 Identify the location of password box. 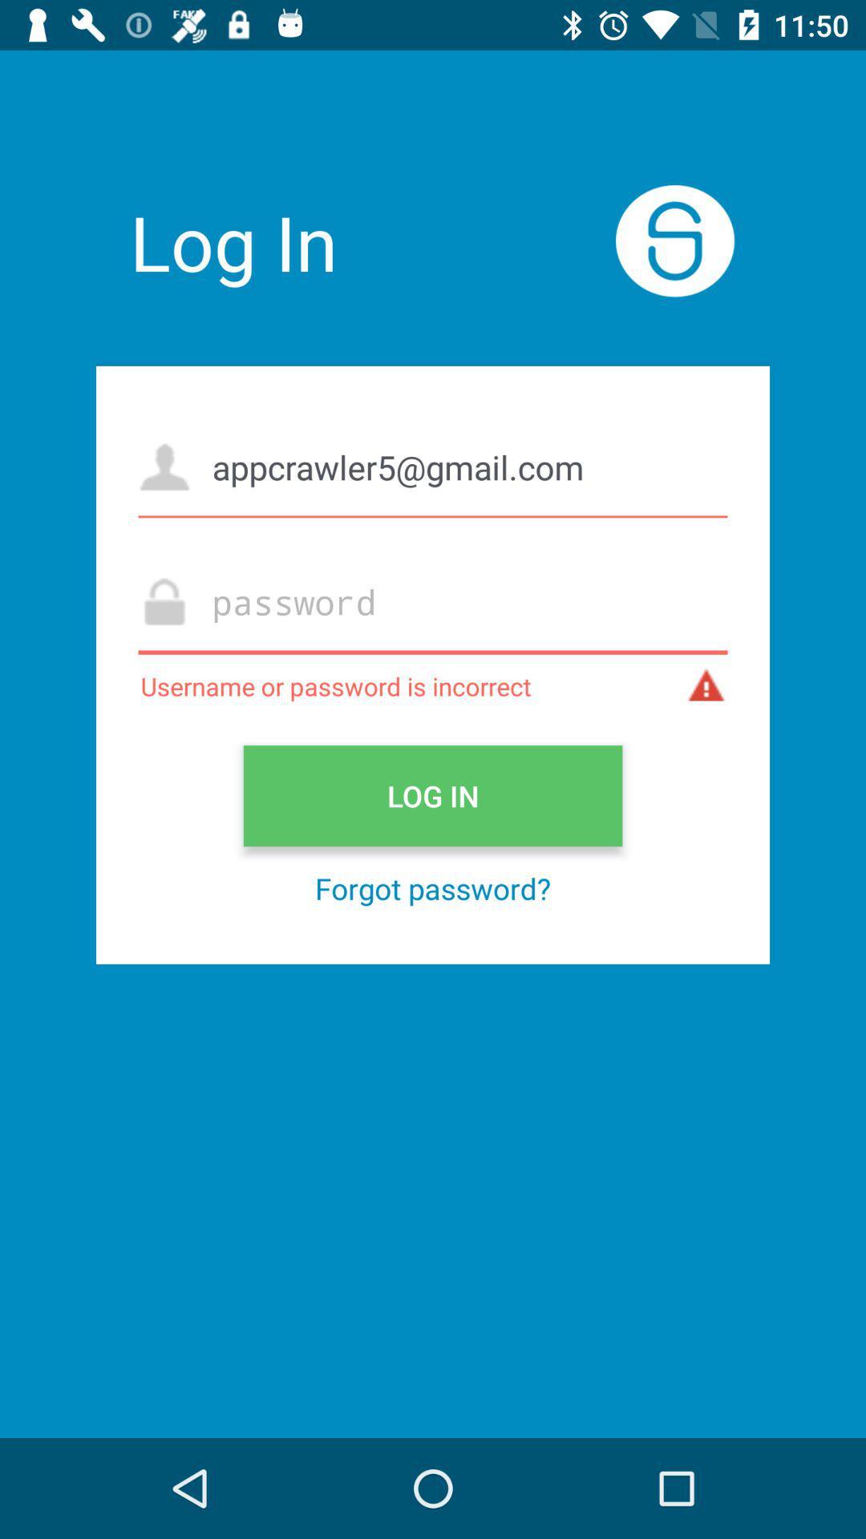
(433, 600).